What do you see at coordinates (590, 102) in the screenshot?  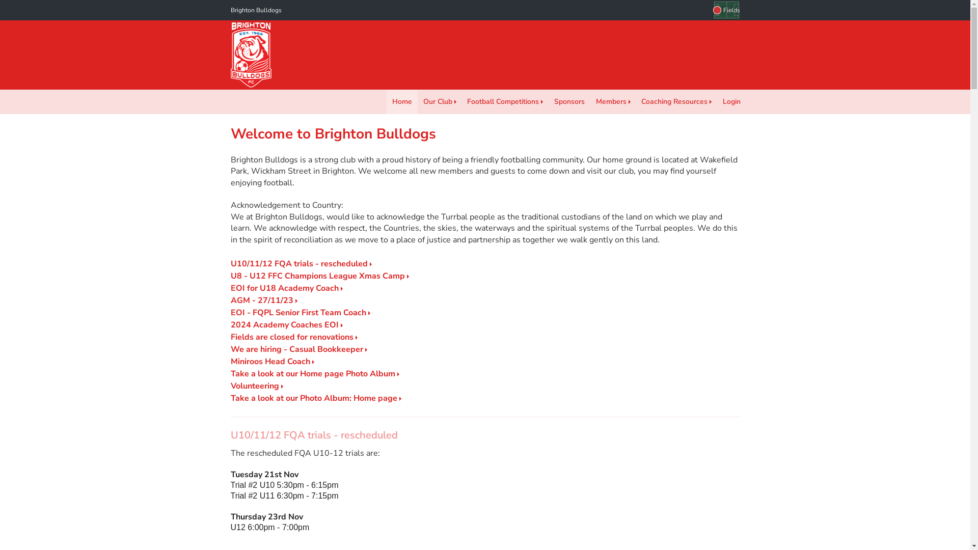 I see `'Members'` at bounding box center [590, 102].